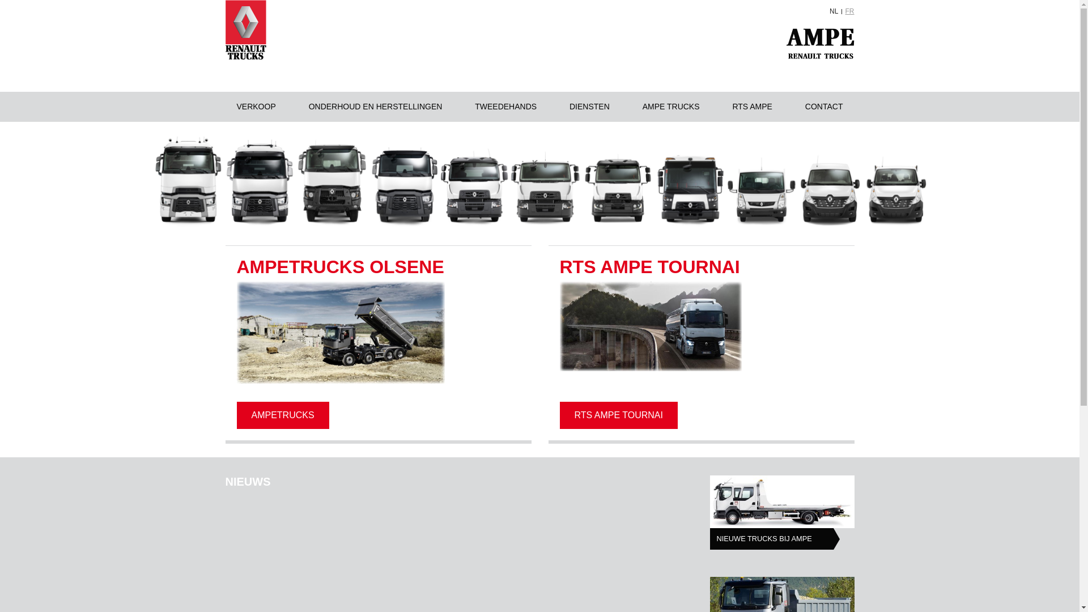  Describe the element at coordinates (245, 29) in the screenshot. I see `'Home'` at that location.